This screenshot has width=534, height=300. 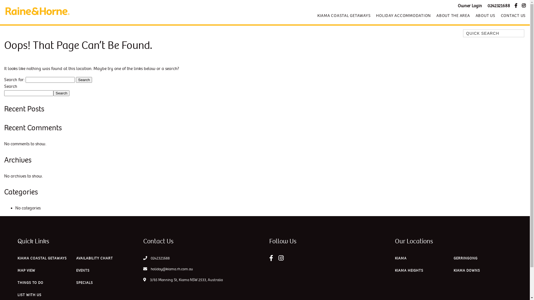 What do you see at coordinates (26, 272) in the screenshot?
I see `'MAP VIEW'` at bounding box center [26, 272].